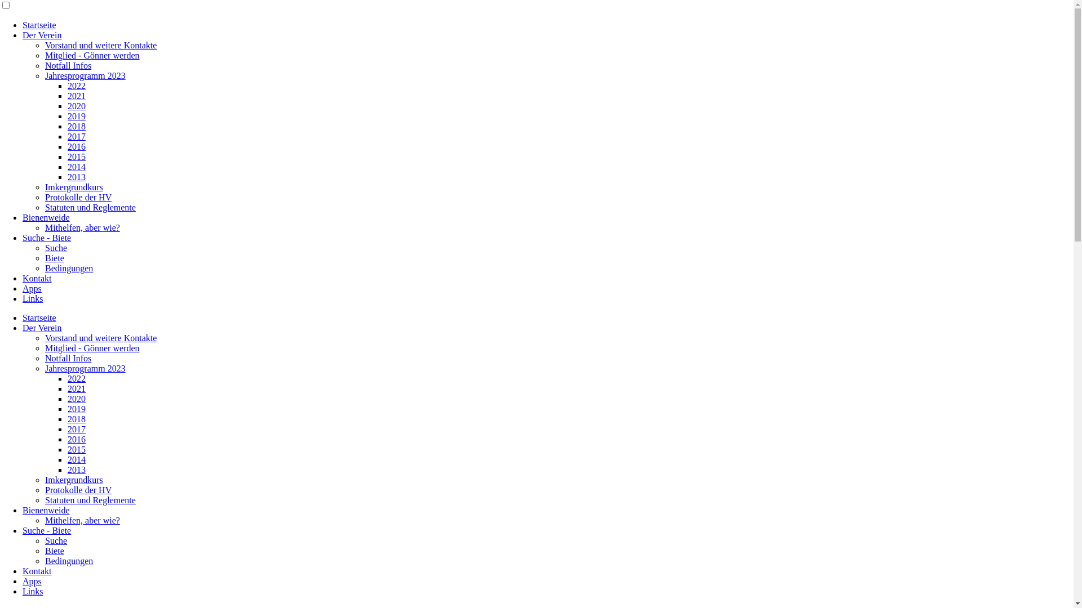  What do you see at coordinates (76, 177) in the screenshot?
I see `'2013'` at bounding box center [76, 177].